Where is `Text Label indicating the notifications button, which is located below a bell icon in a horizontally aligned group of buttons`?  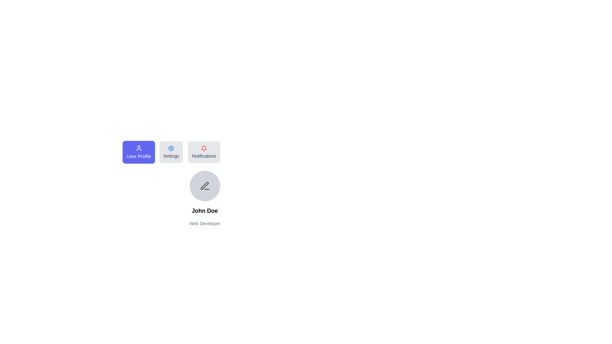
Text Label indicating the notifications button, which is located below a bell icon in a horizontally aligned group of buttons is located at coordinates (204, 156).